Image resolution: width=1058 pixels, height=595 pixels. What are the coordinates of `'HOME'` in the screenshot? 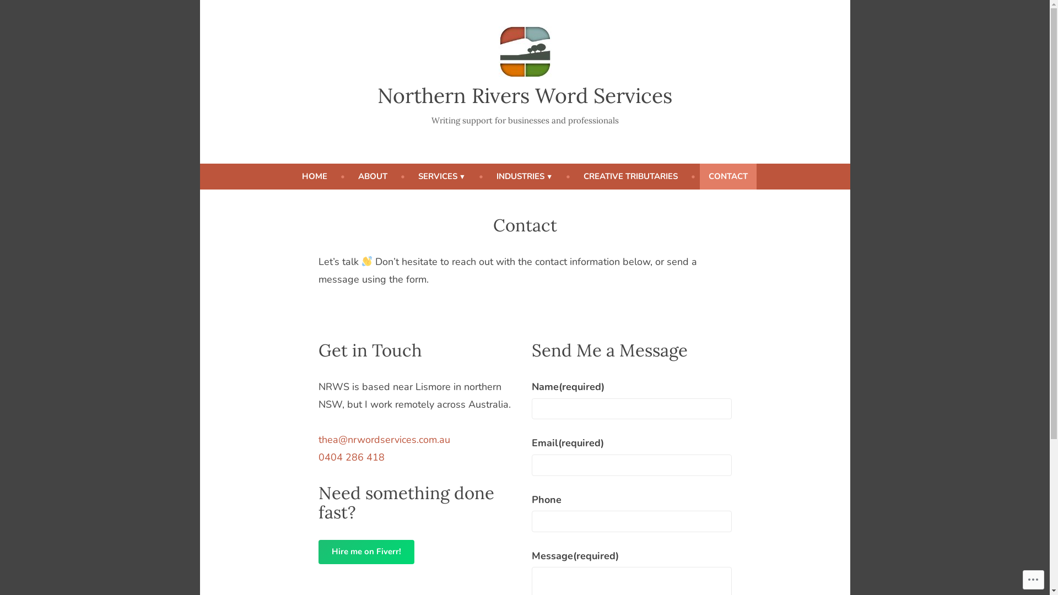 It's located at (293, 176).